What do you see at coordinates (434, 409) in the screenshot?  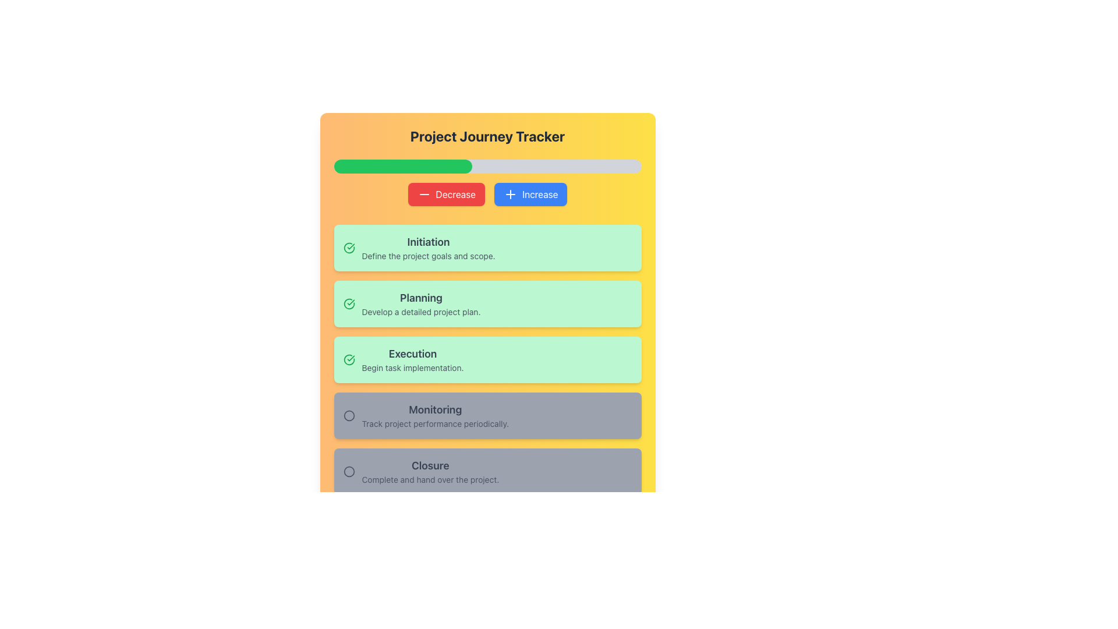 I see `text label displaying 'Monitoring' located at the top-center of the 'Monitoring' section, which is in bold gray font and larger than surrounding text` at bounding box center [434, 409].